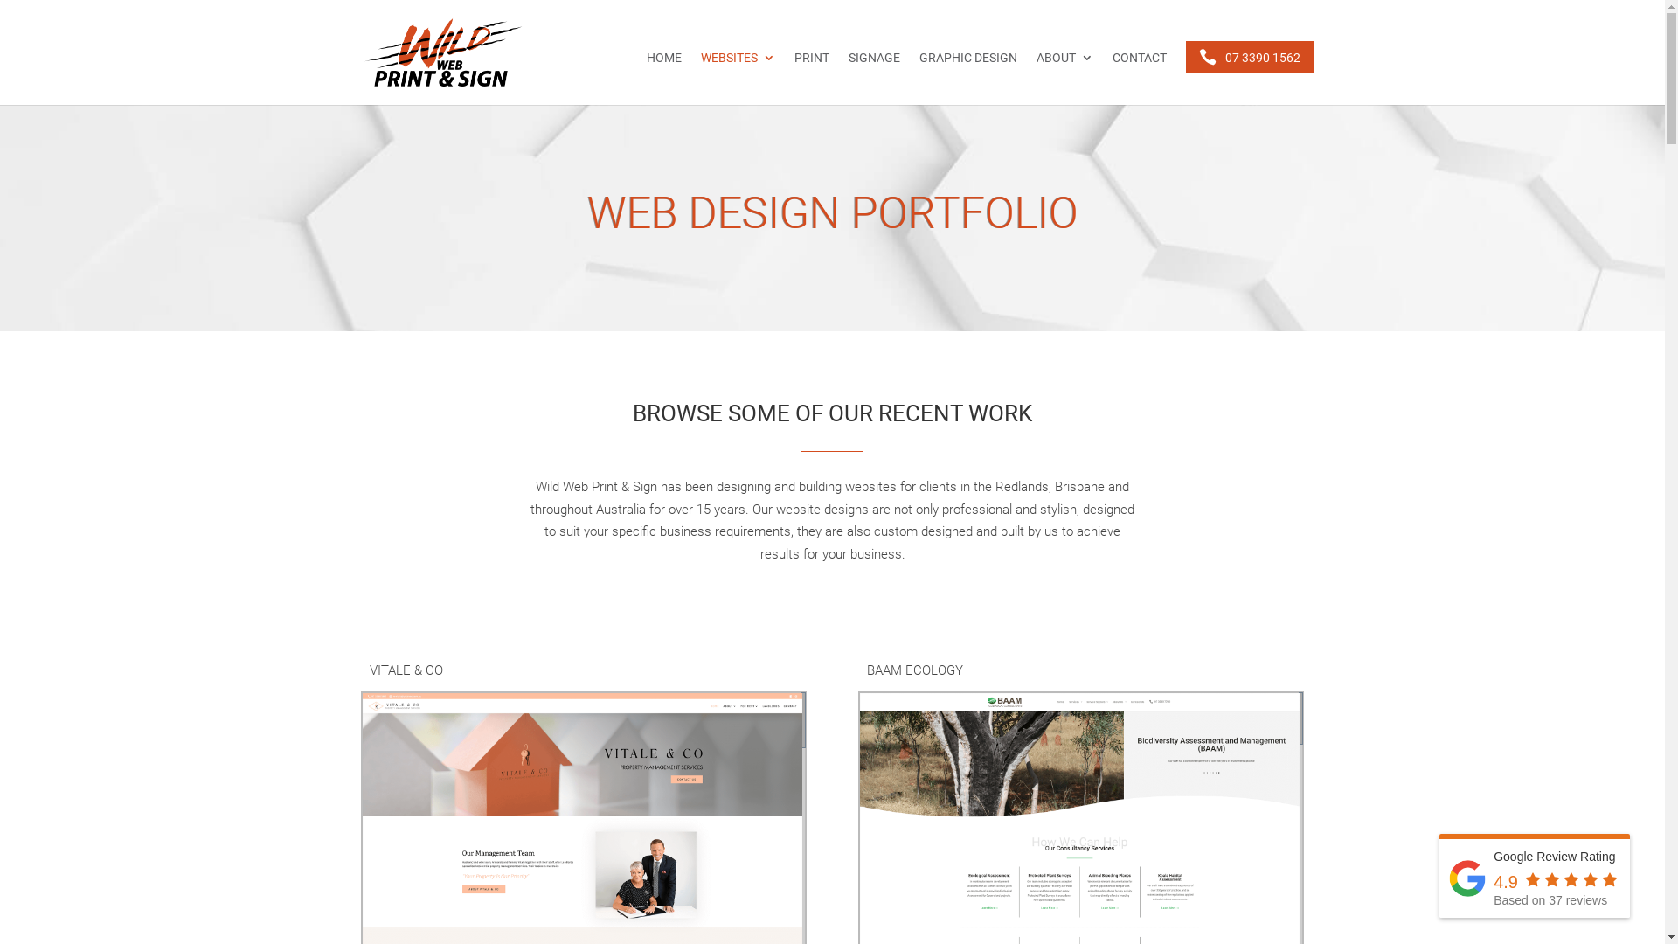  Describe the element at coordinates (1064, 77) in the screenshot. I see `'ABOUT'` at that location.